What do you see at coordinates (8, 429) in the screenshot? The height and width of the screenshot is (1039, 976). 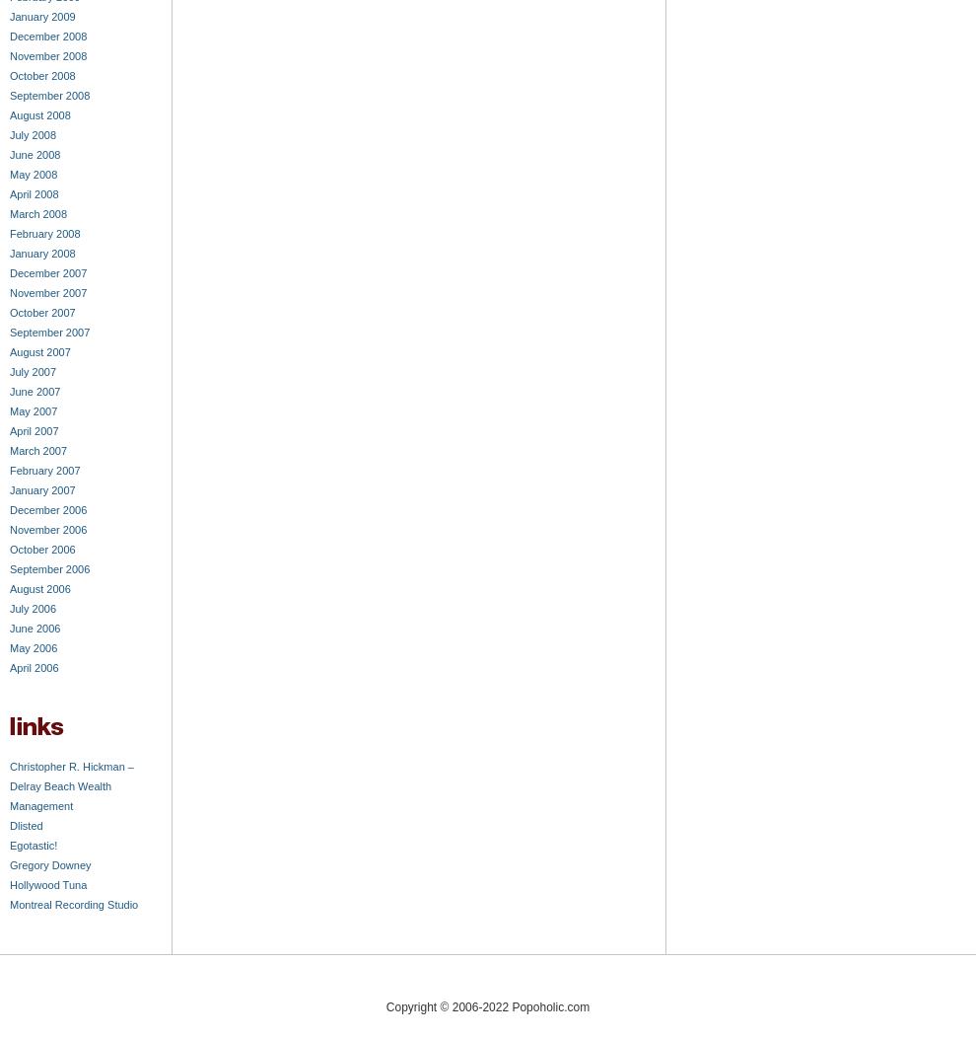 I see `'April 2007'` at bounding box center [8, 429].